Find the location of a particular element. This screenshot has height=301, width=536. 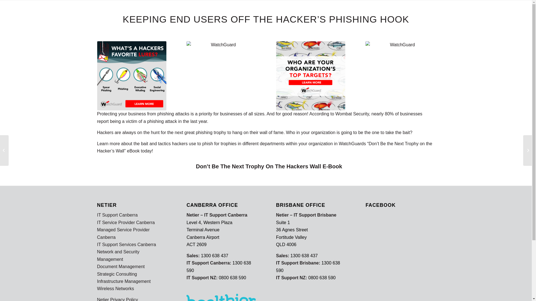

'Document Management' is located at coordinates (121, 266).